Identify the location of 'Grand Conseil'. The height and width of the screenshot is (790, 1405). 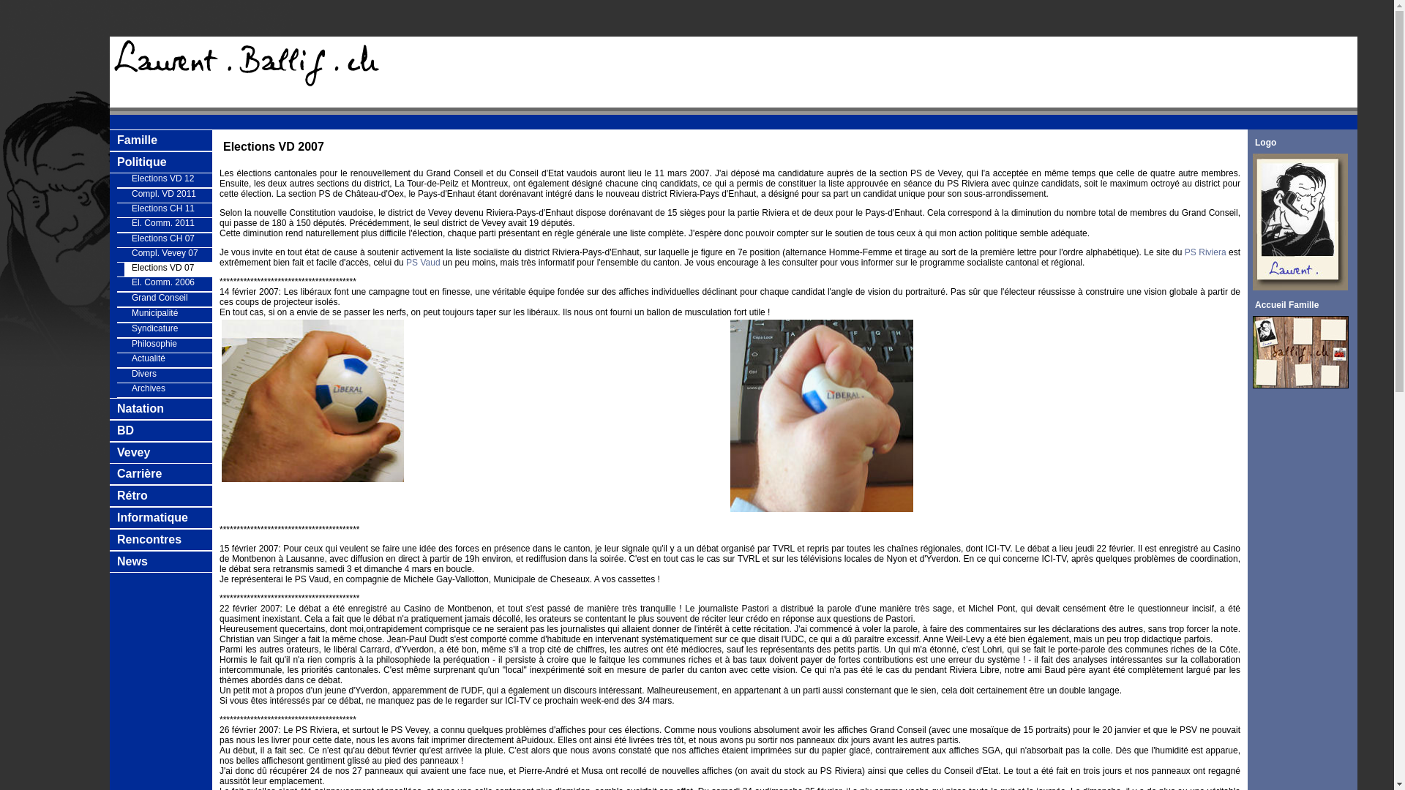
(168, 298).